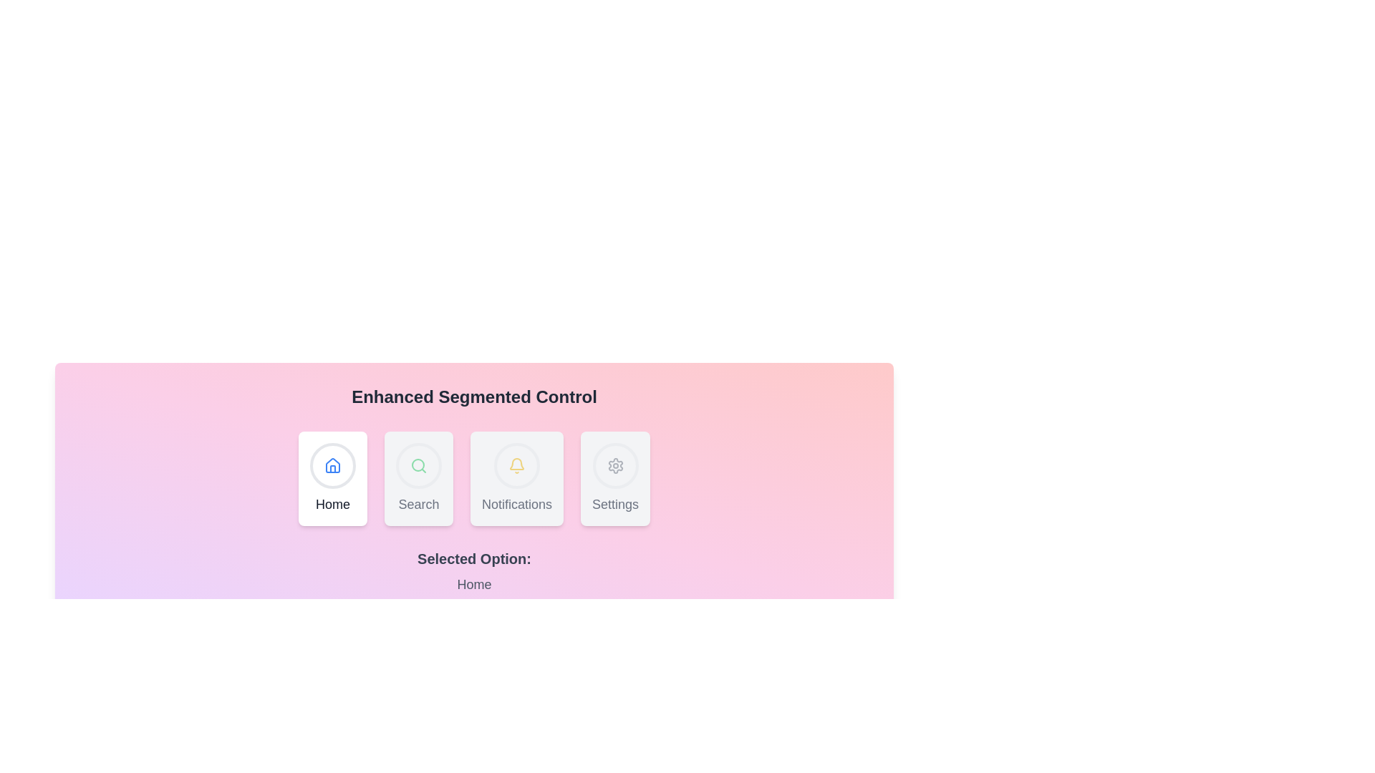  What do you see at coordinates (332, 466) in the screenshot?
I see `the 'Home' icon in the segmented control interface` at bounding box center [332, 466].